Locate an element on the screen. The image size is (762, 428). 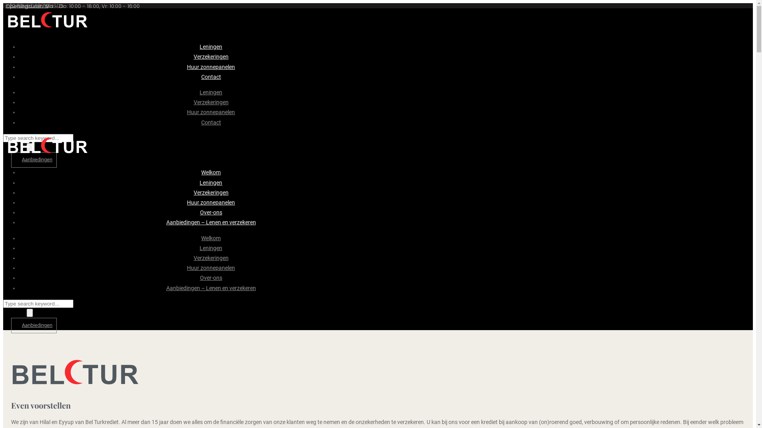
'Welkom' is located at coordinates (201, 238).